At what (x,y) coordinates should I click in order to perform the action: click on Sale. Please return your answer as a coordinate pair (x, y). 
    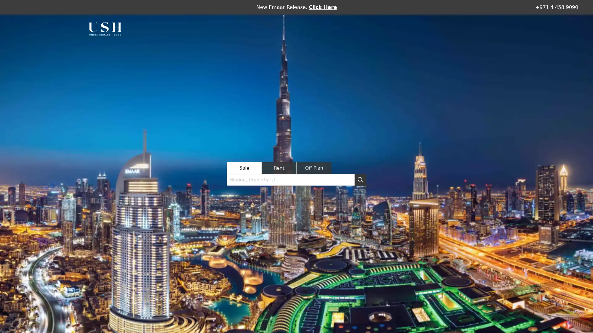
    Looking at the image, I should click on (244, 168).